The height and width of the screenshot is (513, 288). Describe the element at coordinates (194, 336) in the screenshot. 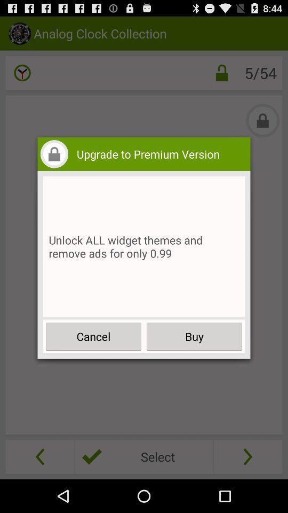

I see `buy` at that location.